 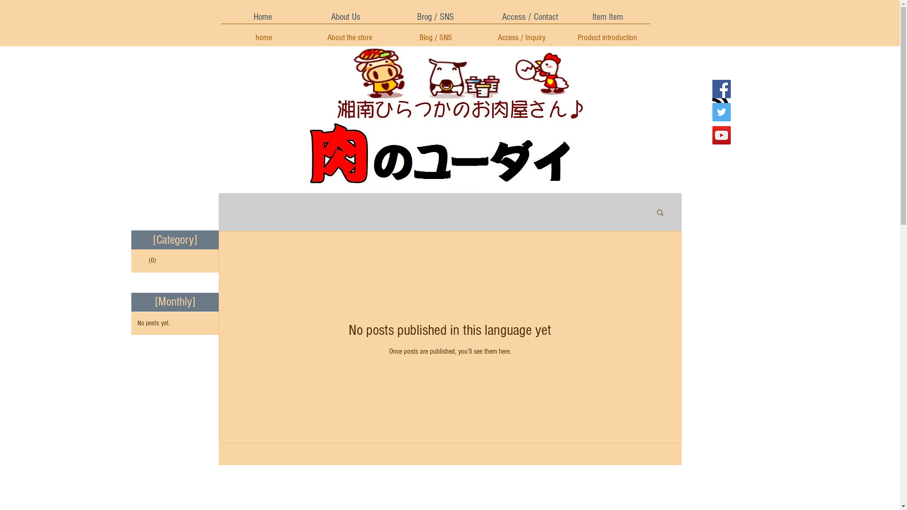 What do you see at coordinates (698, 188) in the screenshot?
I see `'Twitter Follow'` at bounding box center [698, 188].